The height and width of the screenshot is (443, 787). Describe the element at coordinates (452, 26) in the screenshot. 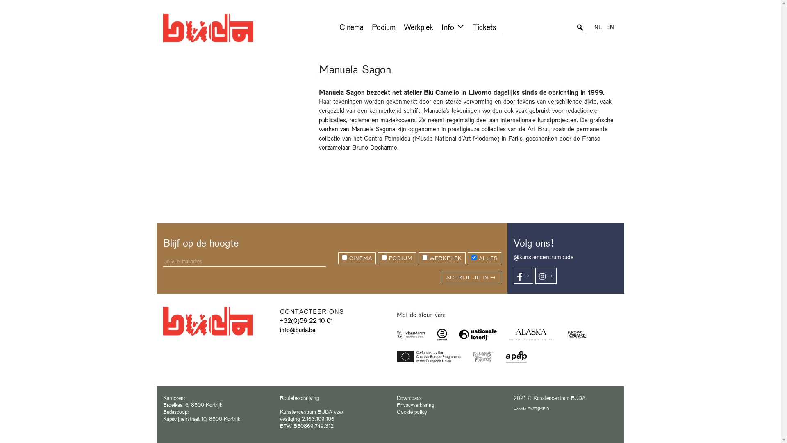

I see `'Info'` at that location.